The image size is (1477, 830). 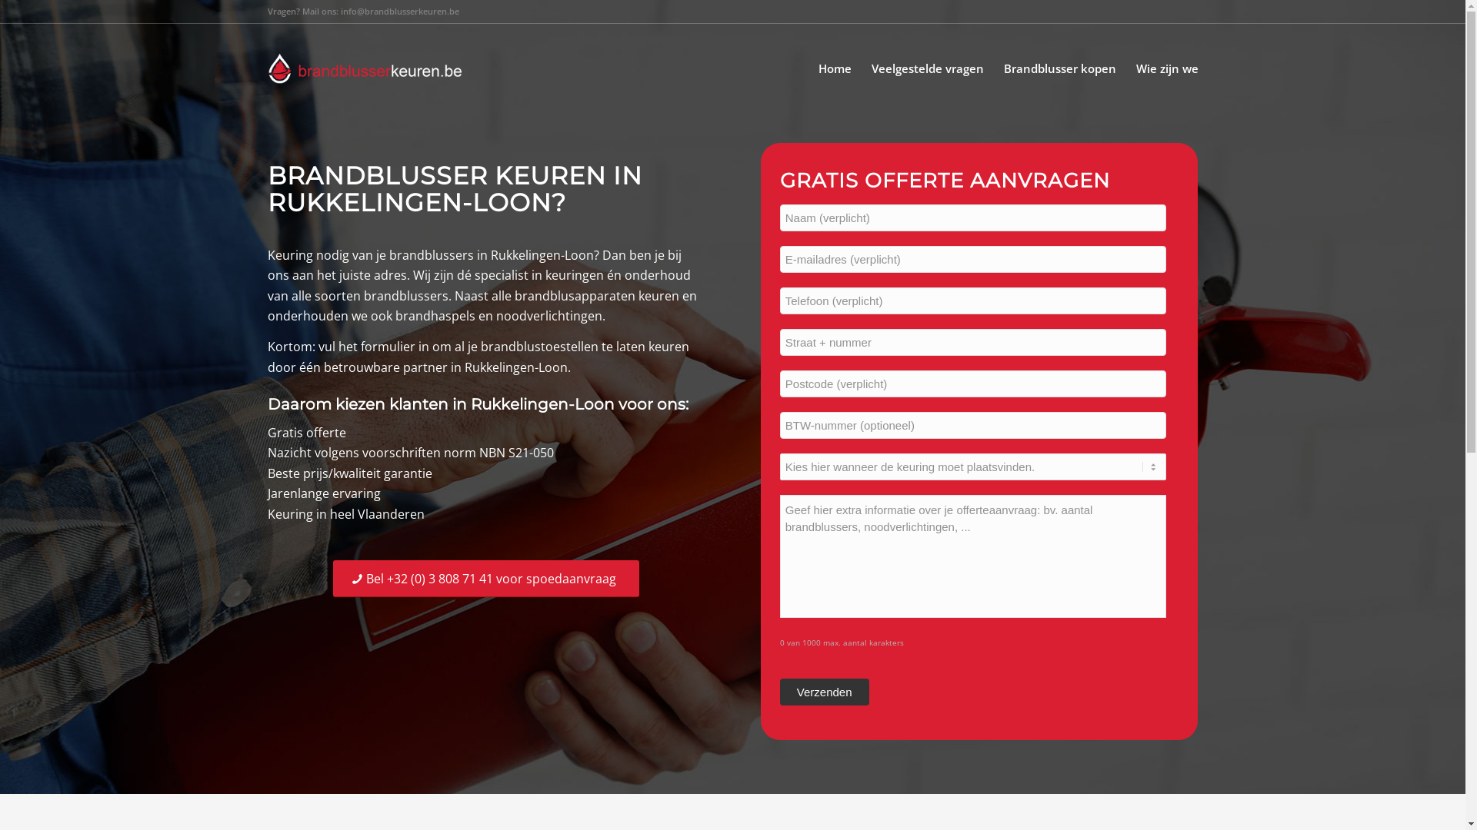 I want to click on 'Brandblusser kopen', so click(x=1059, y=67).